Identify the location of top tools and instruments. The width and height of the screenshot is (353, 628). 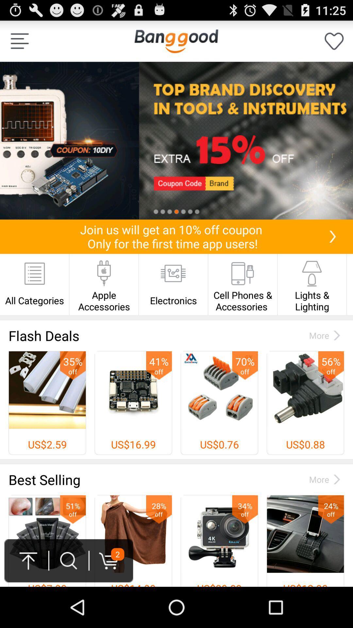
(176, 140).